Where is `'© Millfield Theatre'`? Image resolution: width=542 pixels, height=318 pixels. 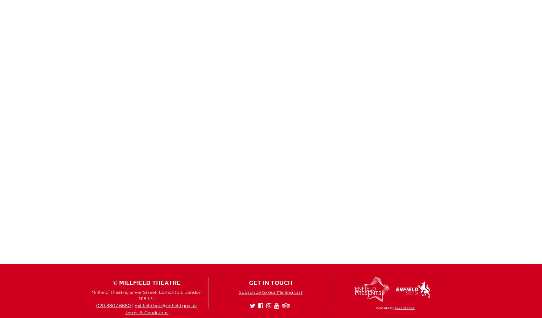
'© Millfield Theatre' is located at coordinates (146, 283).